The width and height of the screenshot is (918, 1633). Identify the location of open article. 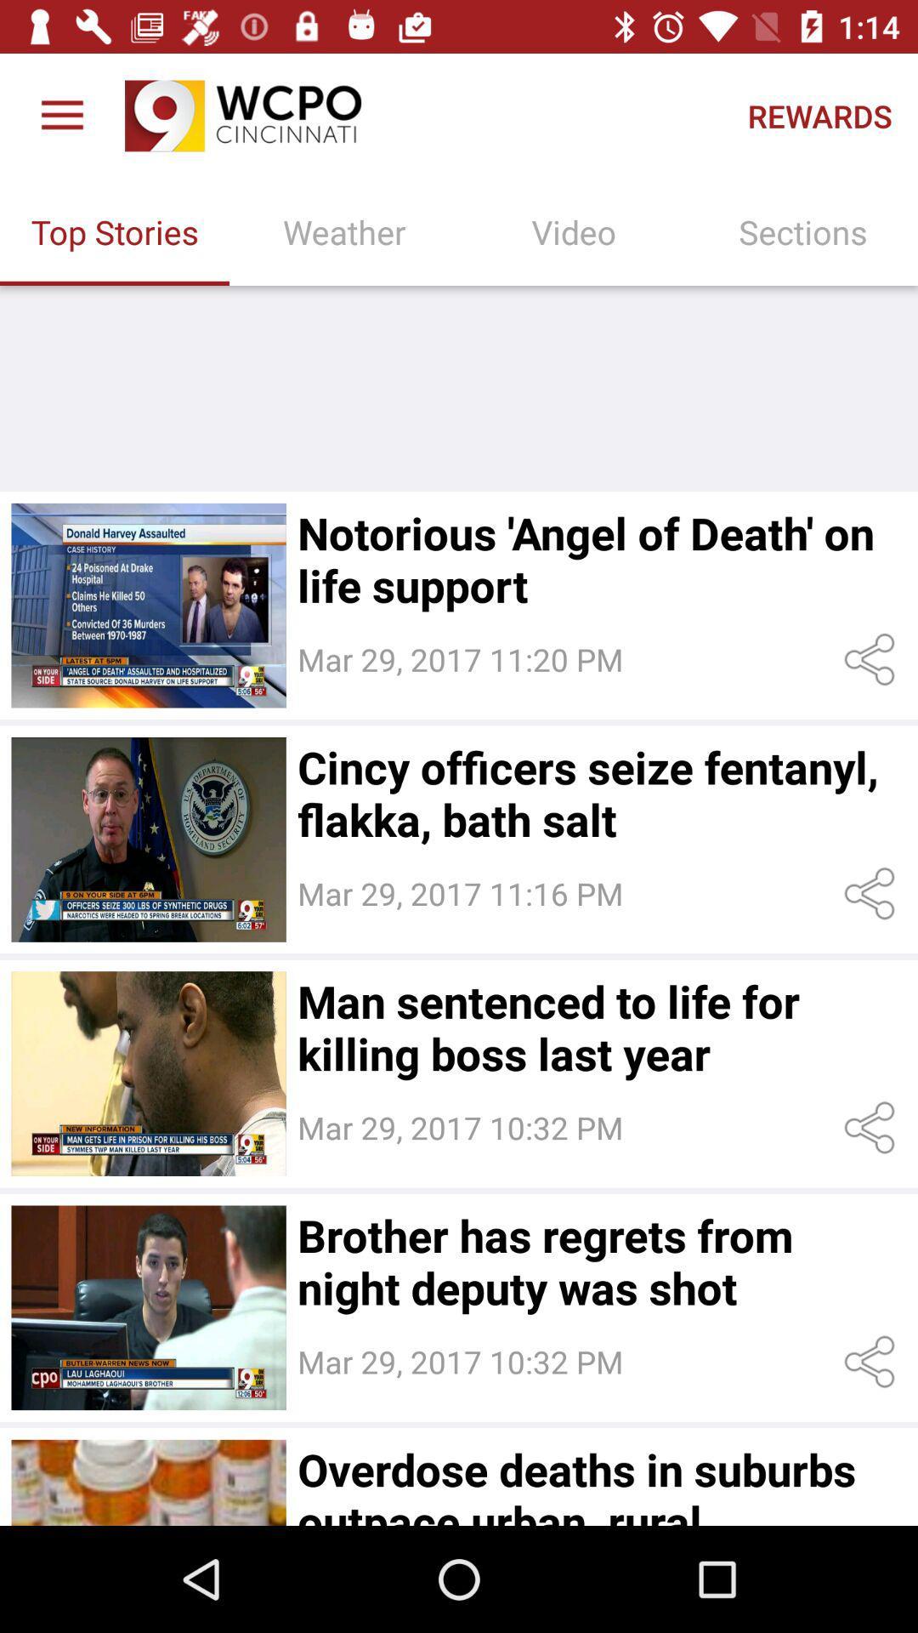
(148, 1073).